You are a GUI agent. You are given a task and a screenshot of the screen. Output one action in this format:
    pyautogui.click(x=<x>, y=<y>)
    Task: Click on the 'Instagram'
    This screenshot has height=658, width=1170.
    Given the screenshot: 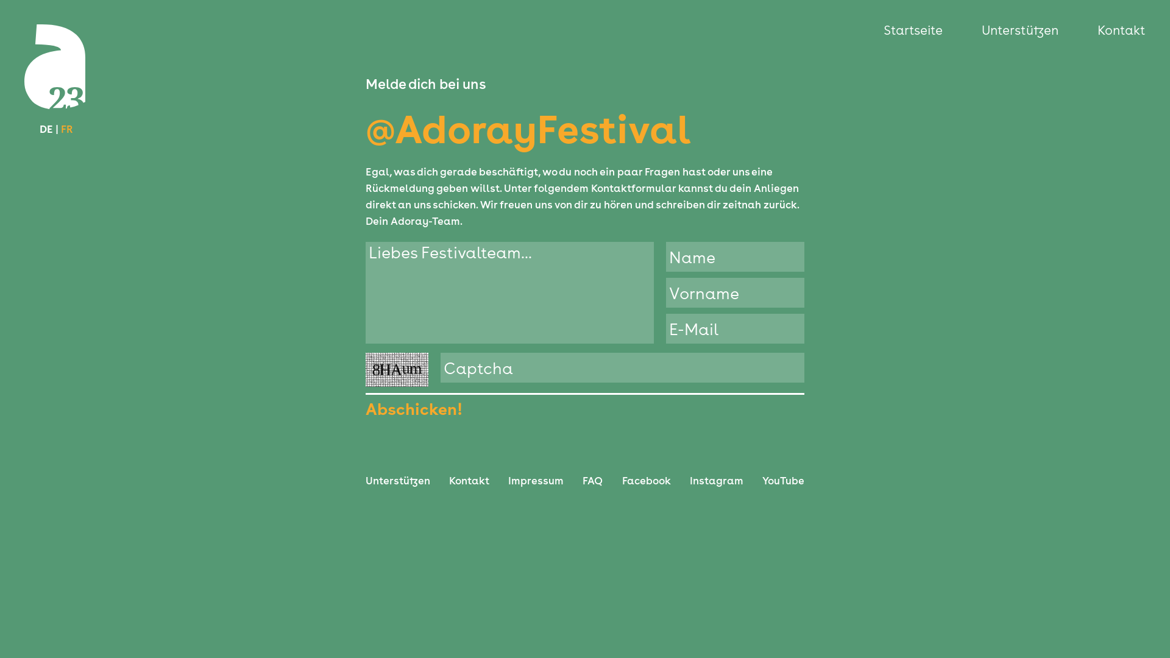 What is the action you would take?
    pyautogui.click(x=717, y=480)
    